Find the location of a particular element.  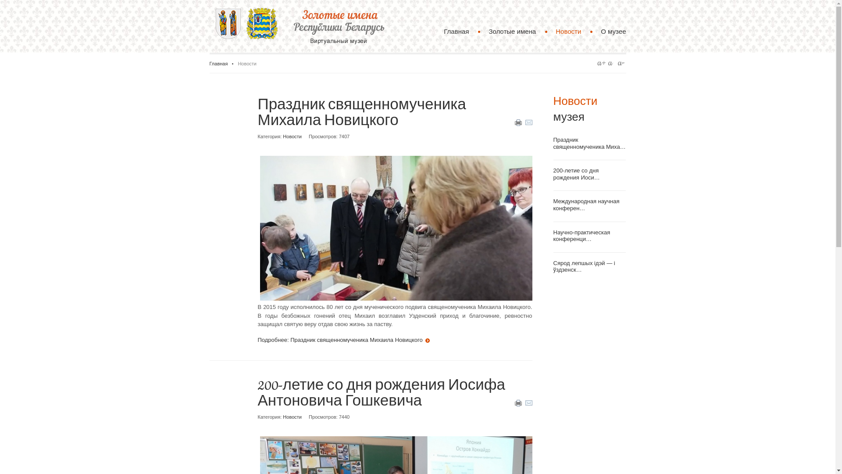

'A-' is located at coordinates (621, 62).